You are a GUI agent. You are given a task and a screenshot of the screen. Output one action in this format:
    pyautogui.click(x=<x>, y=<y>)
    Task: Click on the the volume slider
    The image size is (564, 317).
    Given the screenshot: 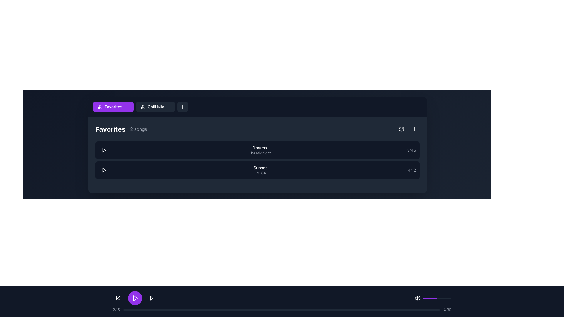 What is the action you would take?
    pyautogui.click(x=430, y=298)
    